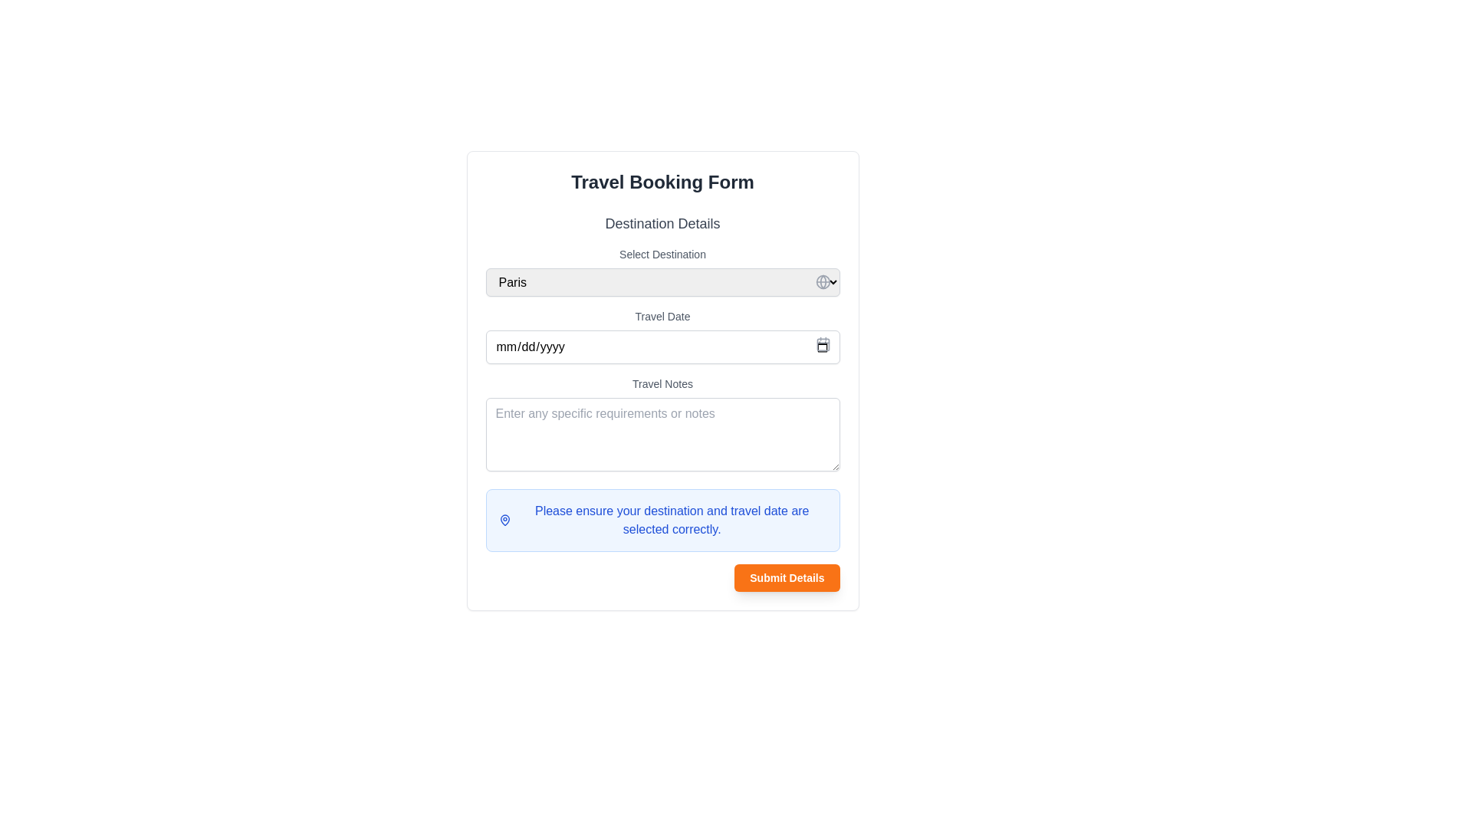 The width and height of the screenshot is (1472, 828). I want to click on the 'Destination' section title text label, which is located at the top of the form layout, above 'Select Destination' and below 'Travel Booking Form', so click(662, 224).